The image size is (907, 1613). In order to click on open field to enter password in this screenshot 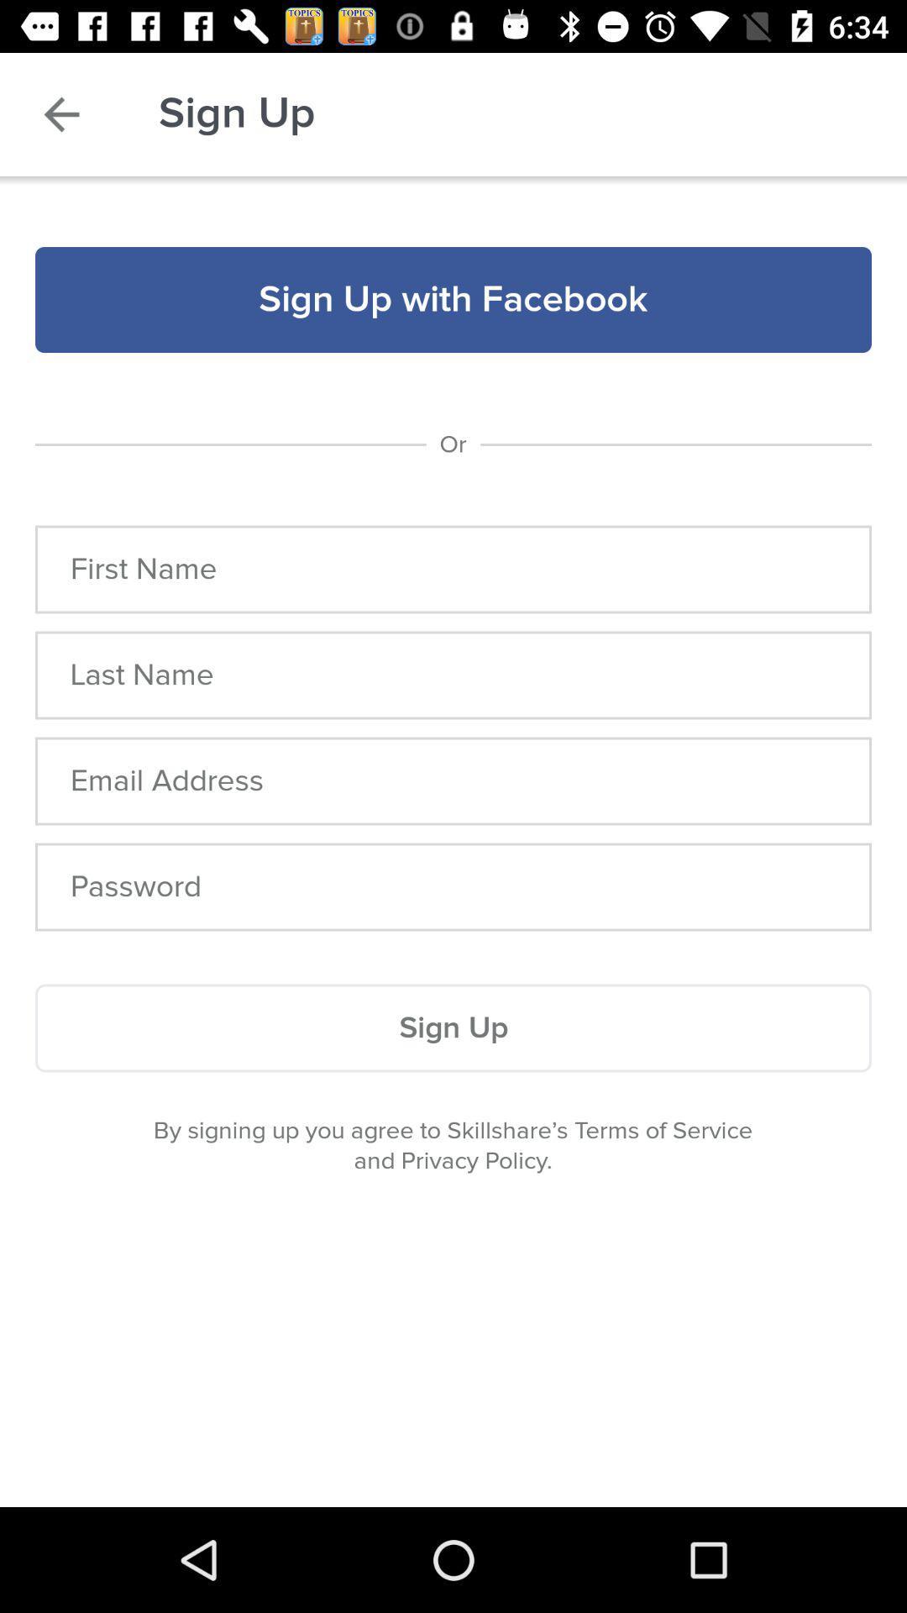, I will do `click(453, 886)`.